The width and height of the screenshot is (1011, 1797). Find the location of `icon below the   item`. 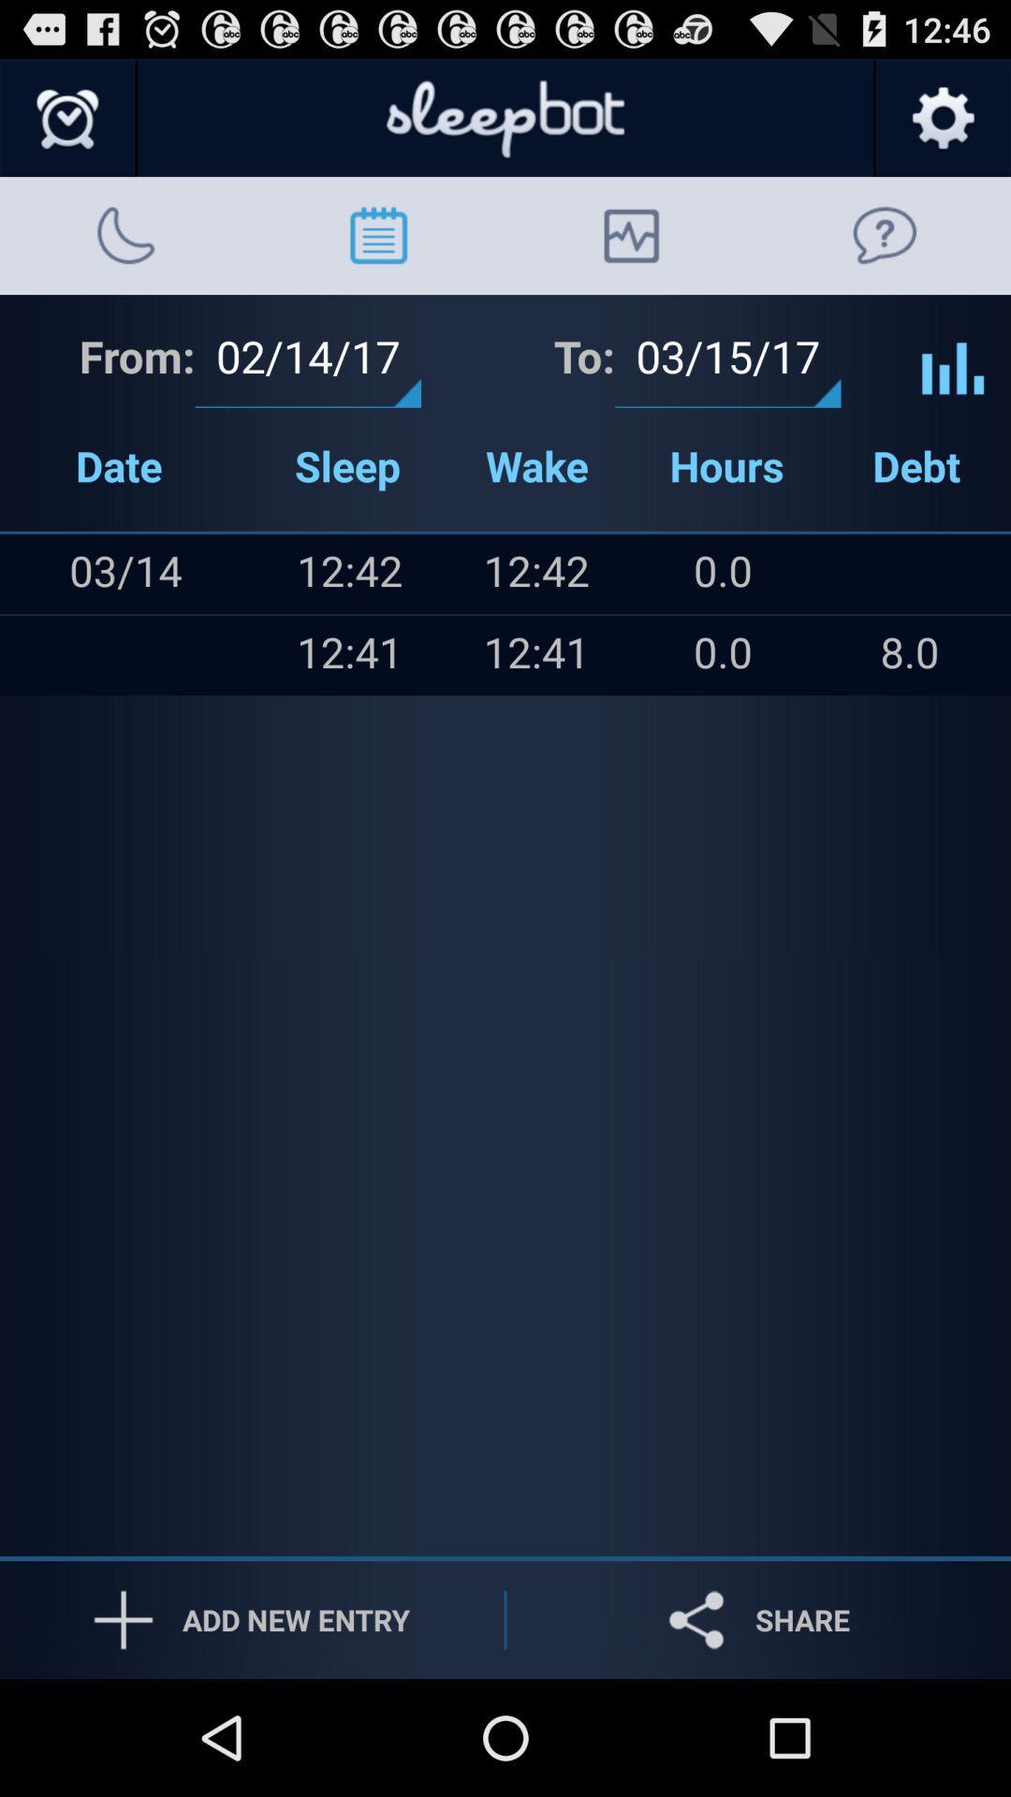

icon below the   item is located at coordinates (38, 655).